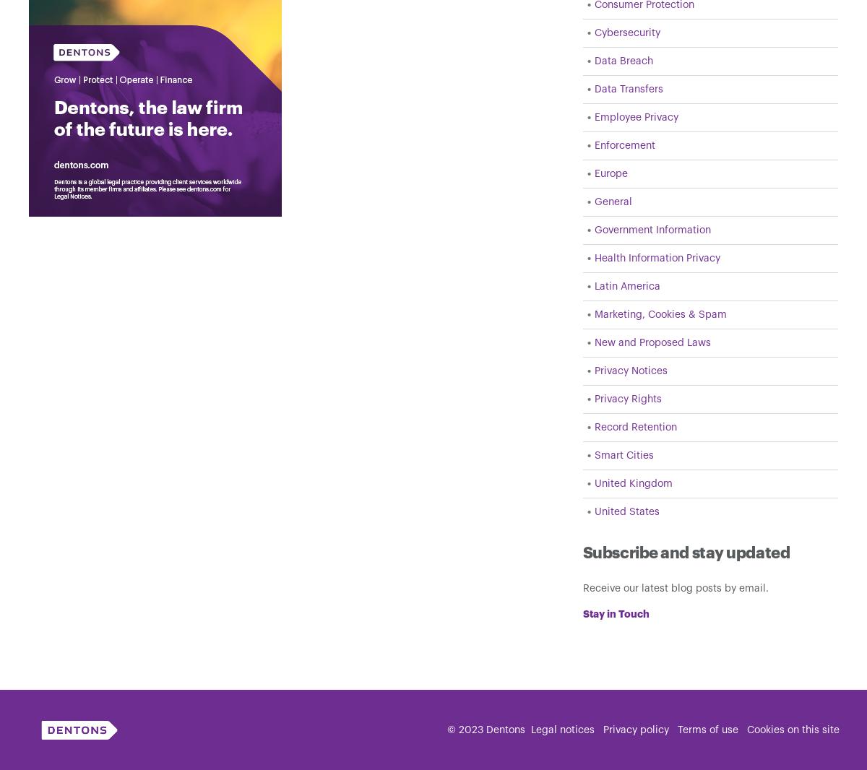  Describe the element at coordinates (562, 730) in the screenshot. I see `'Legal notices'` at that location.